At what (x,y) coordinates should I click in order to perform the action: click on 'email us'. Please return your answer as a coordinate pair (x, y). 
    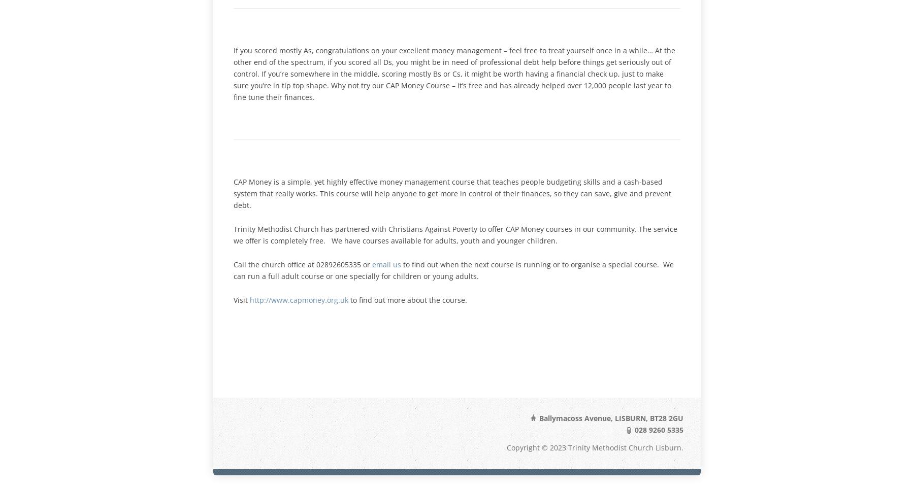
    Looking at the image, I should click on (386, 263).